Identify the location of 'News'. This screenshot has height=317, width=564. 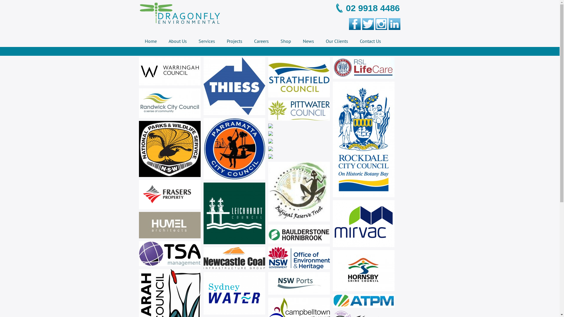
(308, 41).